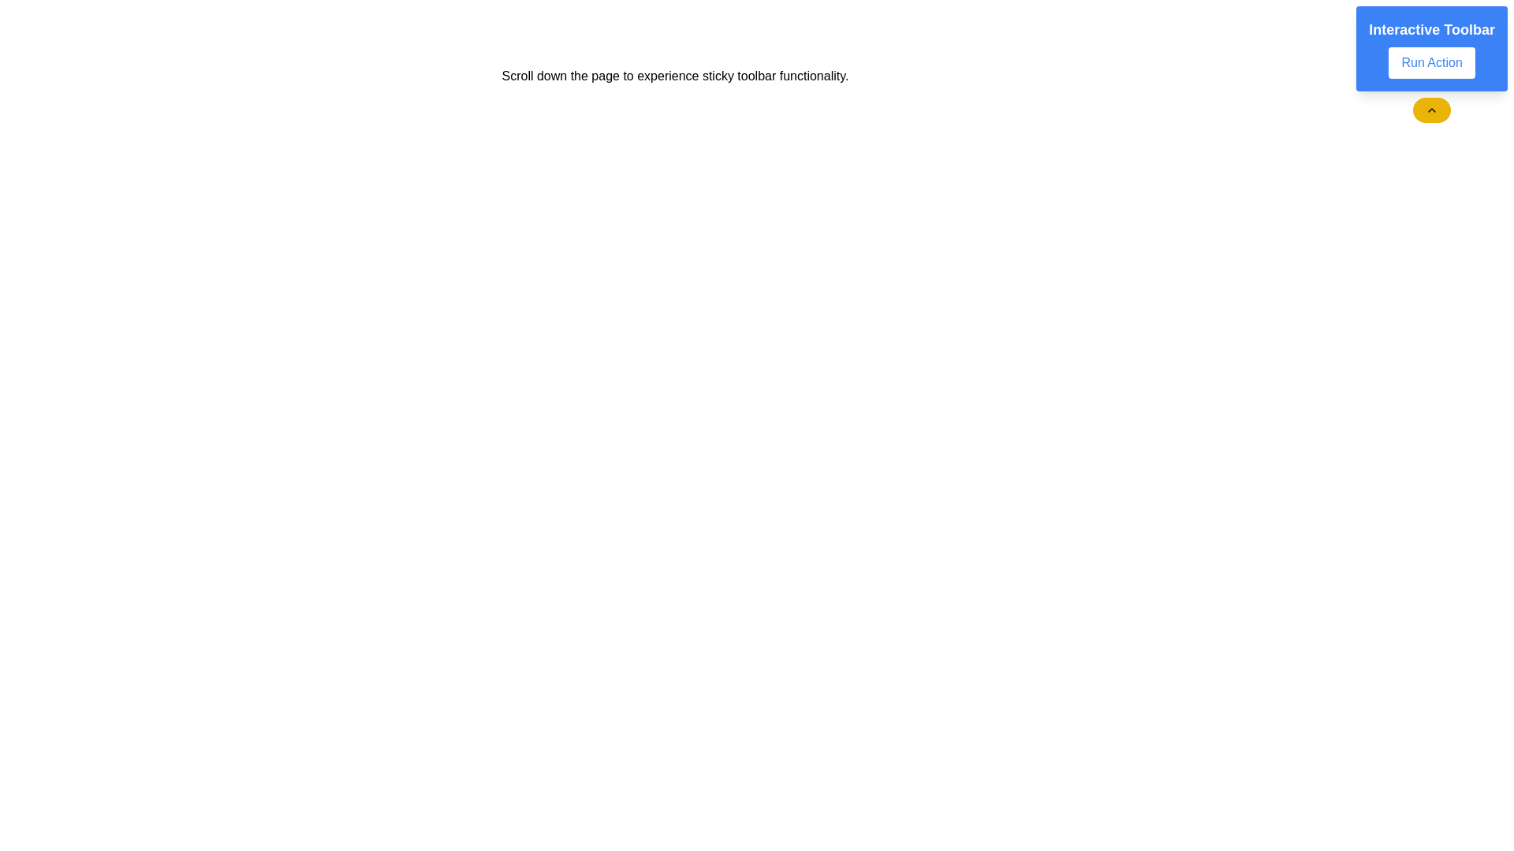 The width and height of the screenshot is (1514, 851). I want to click on the circular button with a yellow background and black upward chevron icon, positioned below the 'Run Action' button in the 'Interactive Toolbar', so click(1432, 109).